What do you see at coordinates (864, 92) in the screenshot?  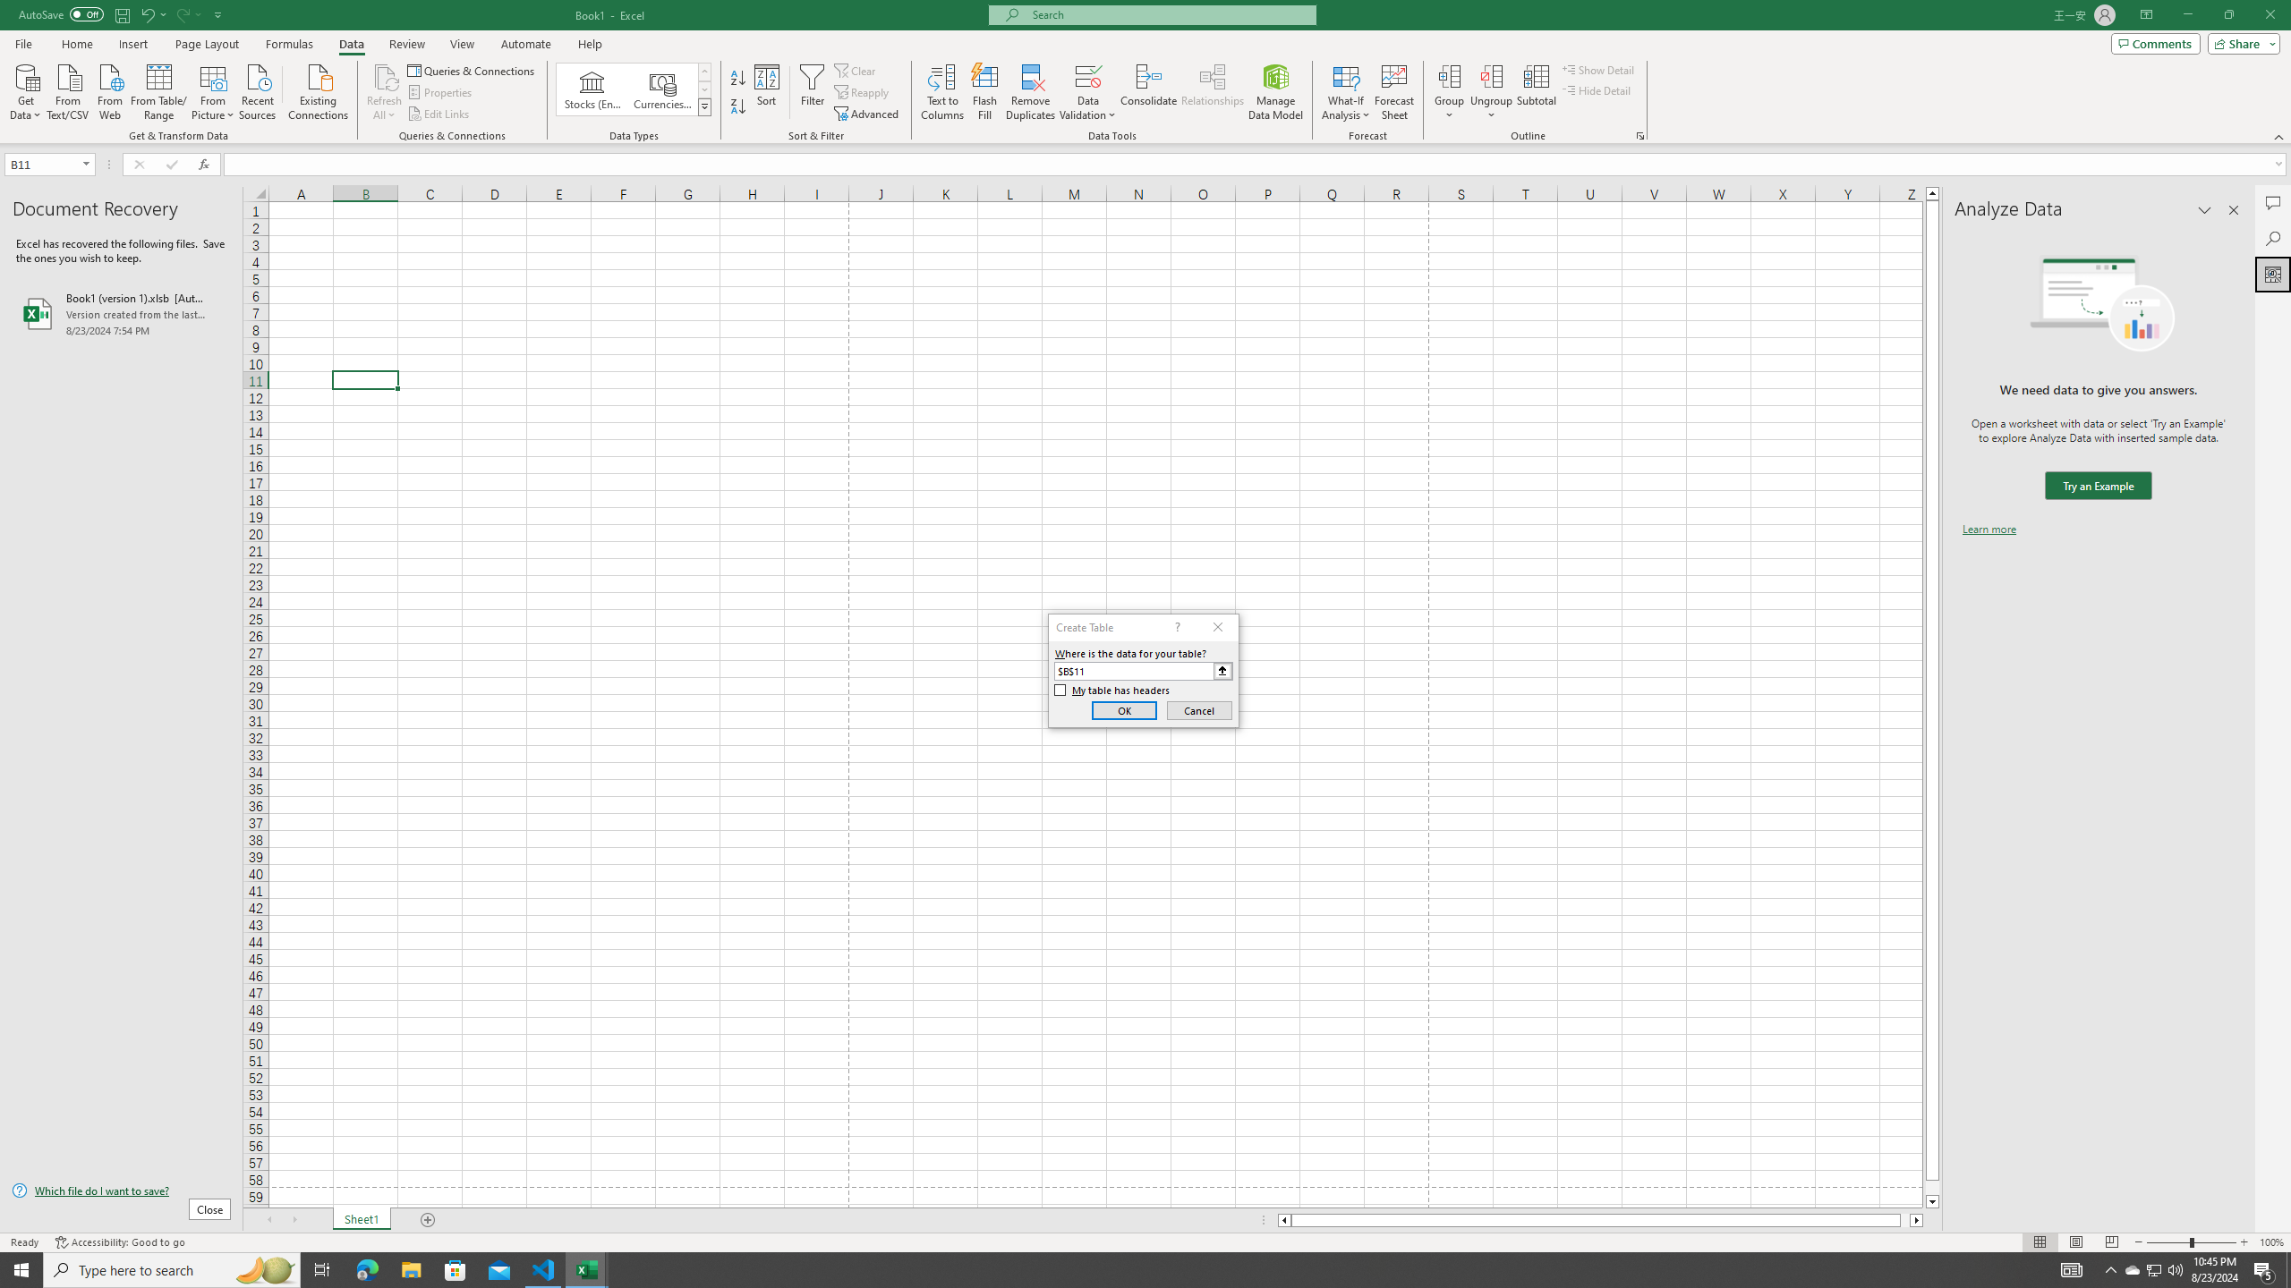 I see `'Reapply'` at bounding box center [864, 92].